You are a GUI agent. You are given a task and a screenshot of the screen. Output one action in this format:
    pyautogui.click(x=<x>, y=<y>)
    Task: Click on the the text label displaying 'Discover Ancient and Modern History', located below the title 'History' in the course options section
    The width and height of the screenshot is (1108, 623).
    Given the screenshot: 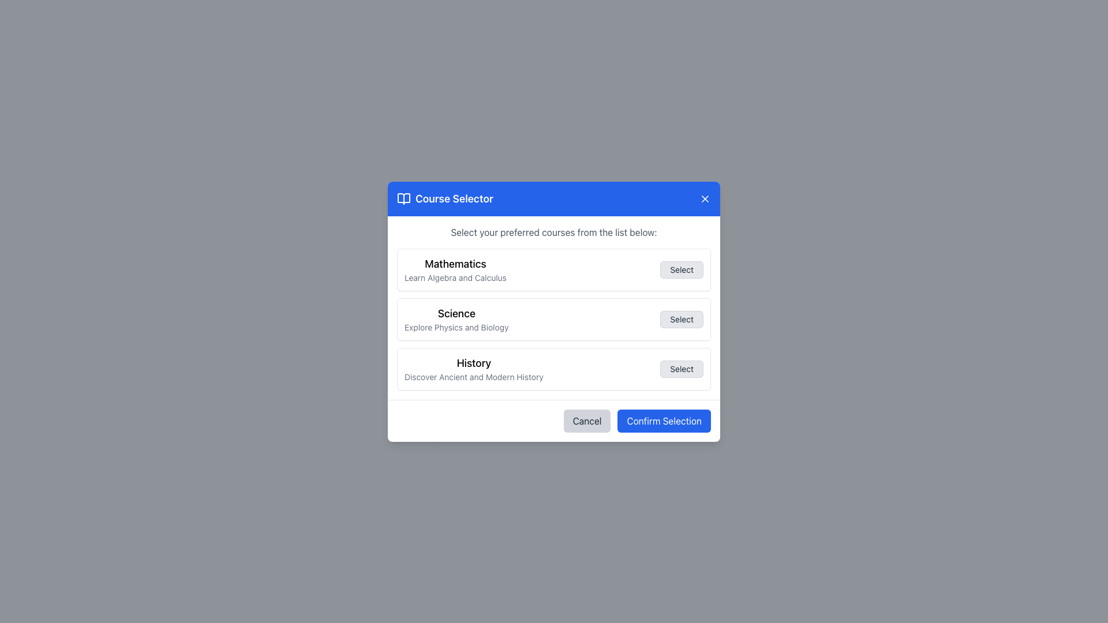 What is the action you would take?
    pyautogui.click(x=474, y=377)
    